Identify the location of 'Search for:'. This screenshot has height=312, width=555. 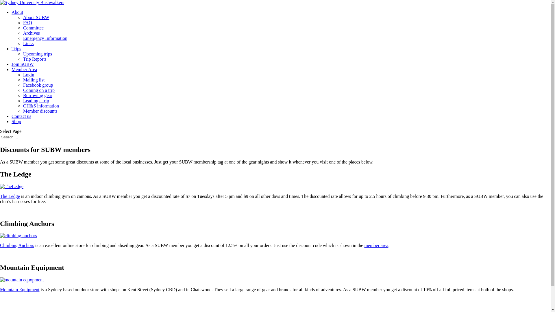
(0, 137).